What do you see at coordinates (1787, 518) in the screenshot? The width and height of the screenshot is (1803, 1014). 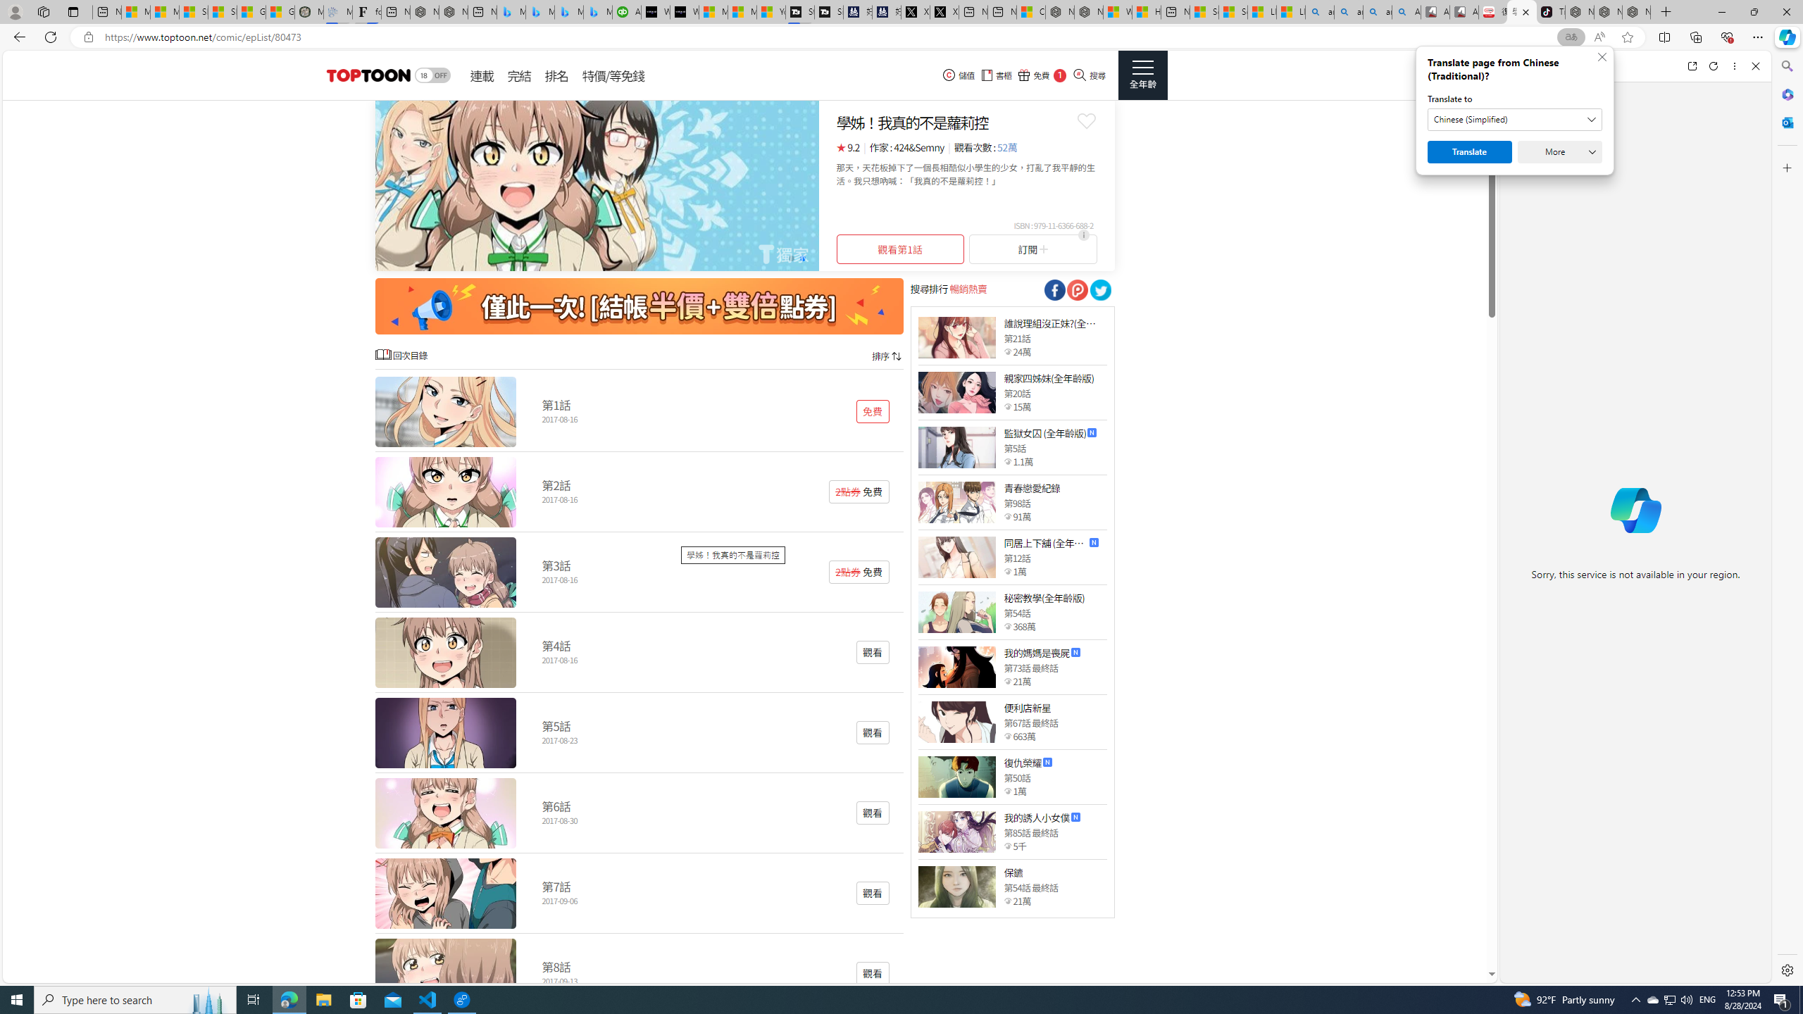 I see `'Side bar'` at bounding box center [1787, 518].